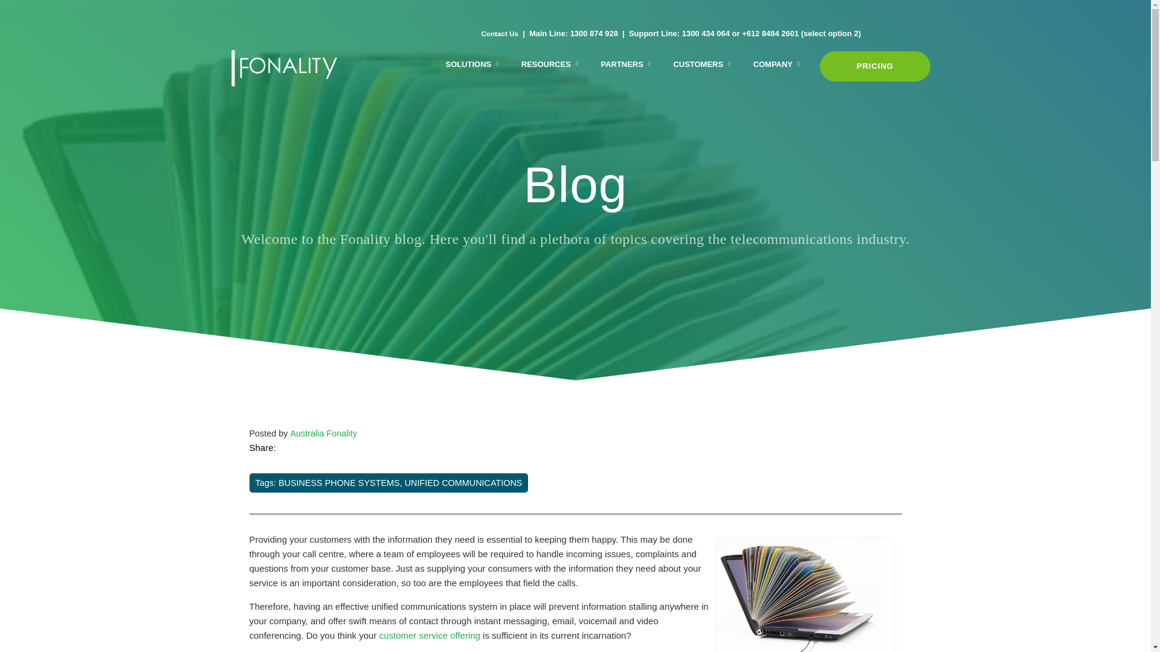 This screenshot has height=652, width=1160. I want to click on 'UNIFIED COMMUNICATIONS', so click(463, 482).